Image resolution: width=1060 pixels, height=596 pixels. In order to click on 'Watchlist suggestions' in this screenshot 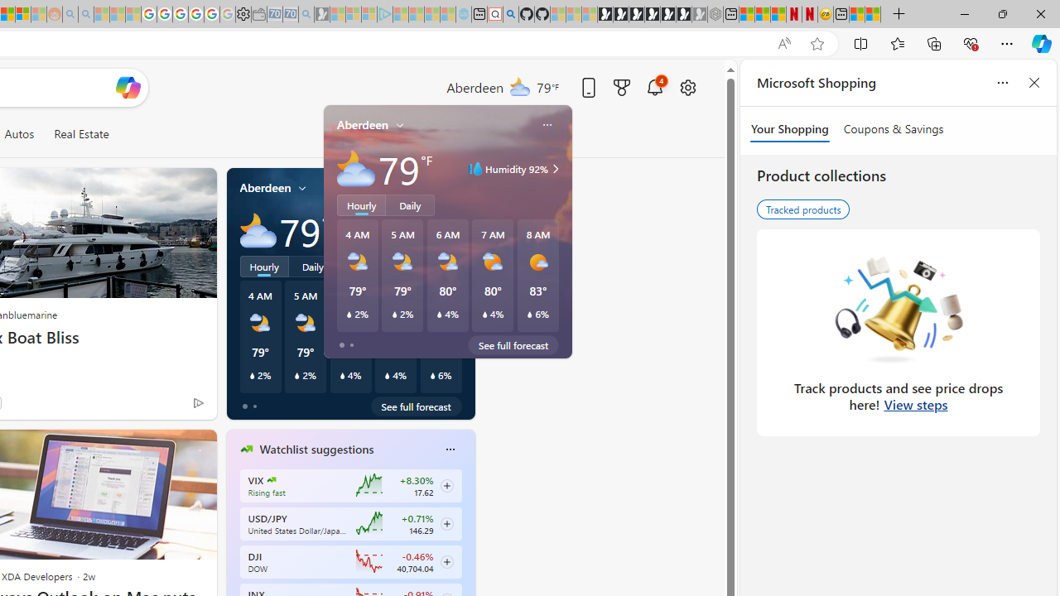, I will do `click(316, 449)`.